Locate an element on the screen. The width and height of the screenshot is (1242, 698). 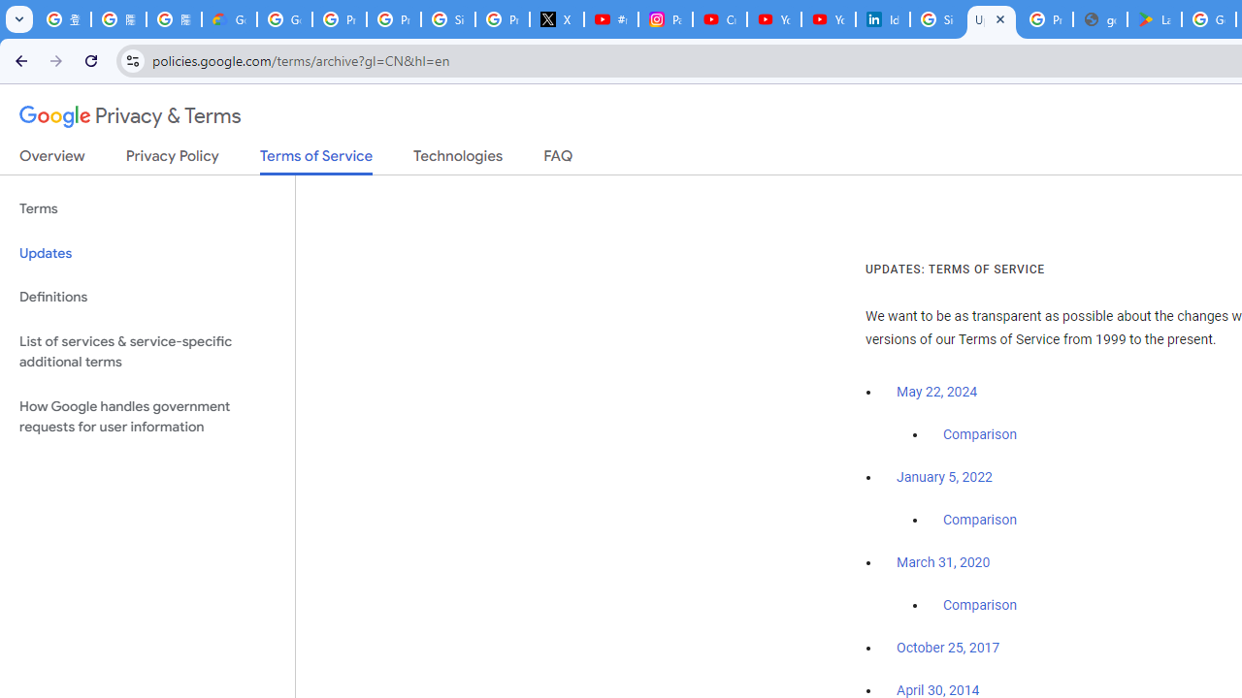
'Last Shelter: Survival - Apps on Google Play' is located at coordinates (1155, 19).